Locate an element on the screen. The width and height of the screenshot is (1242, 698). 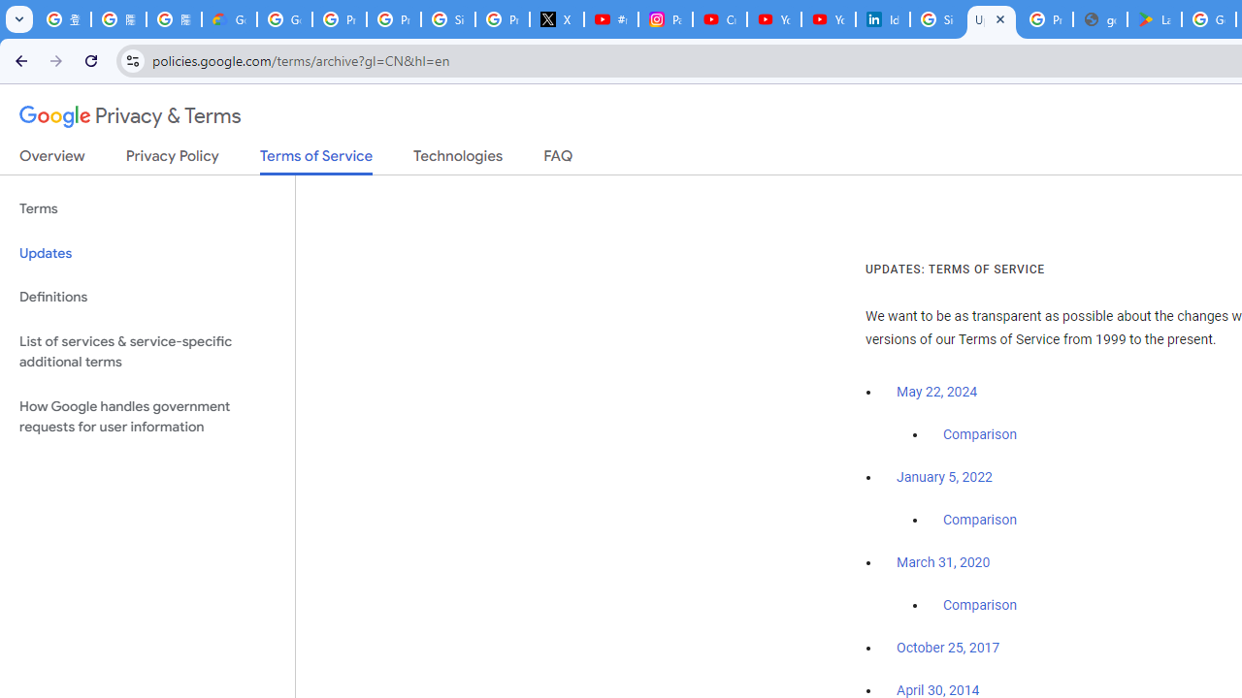
'Last Shelter: Survival - Apps on Google Play' is located at coordinates (1155, 19).